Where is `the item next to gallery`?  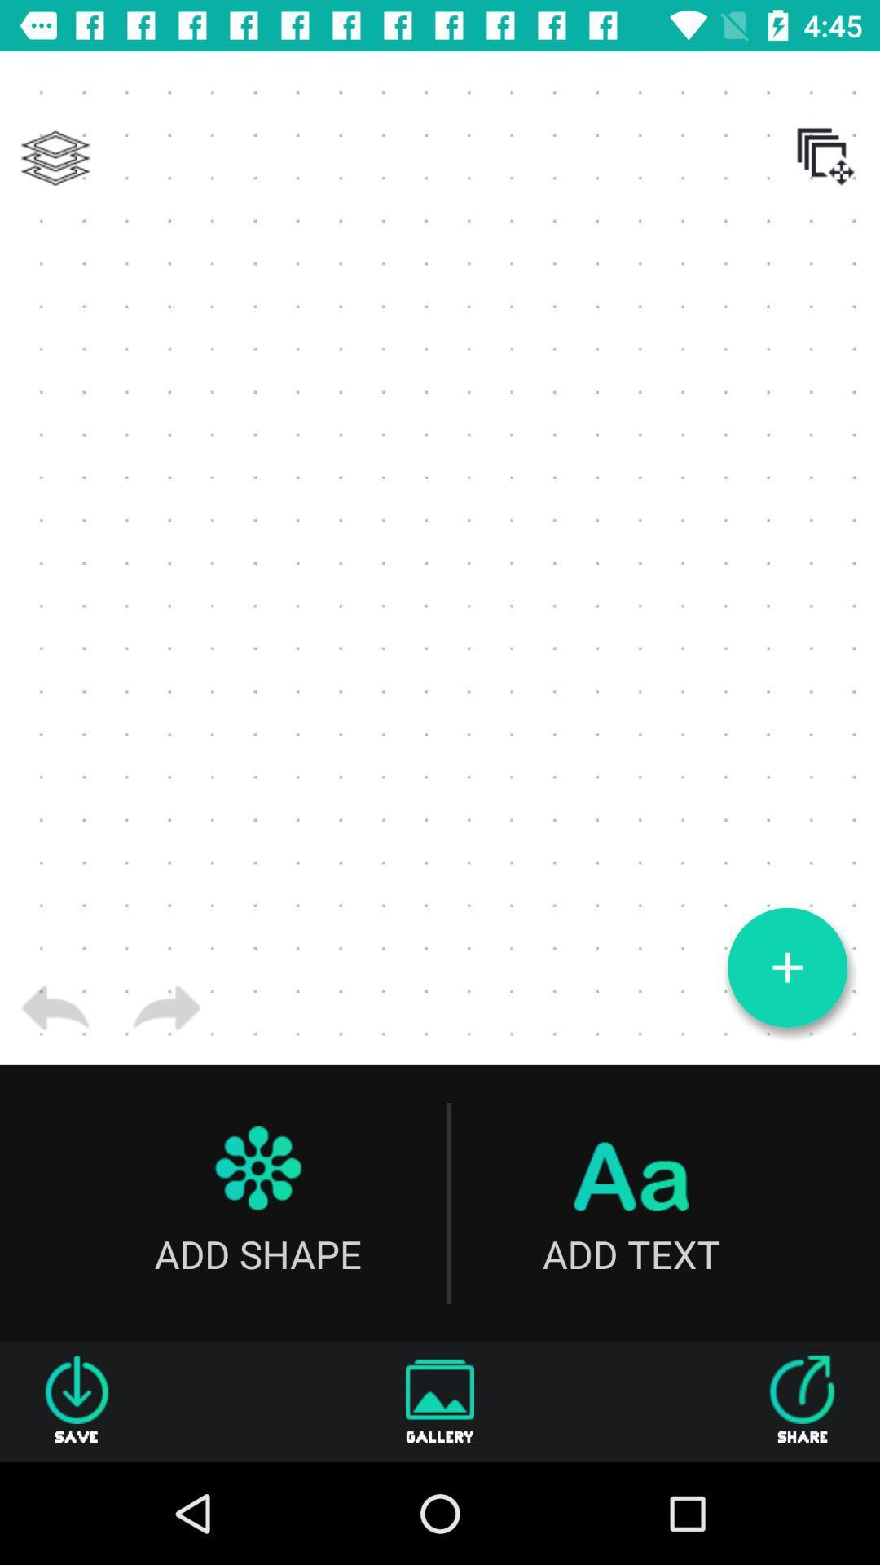 the item next to gallery is located at coordinates (77, 1401).